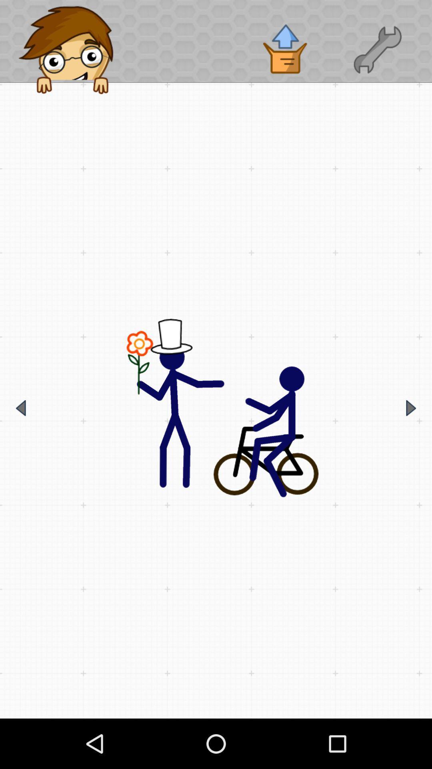 The image size is (432, 769). What do you see at coordinates (411, 408) in the screenshot?
I see `play option` at bounding box center [411, 408].